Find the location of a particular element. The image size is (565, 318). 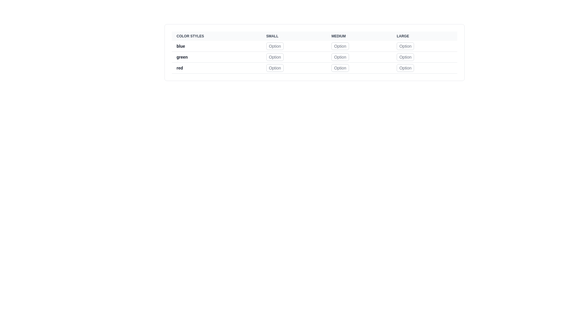

the button labeled 'Option' with a light red background located in the third row and second column of the grid layout is located at coordinates (340, 68).